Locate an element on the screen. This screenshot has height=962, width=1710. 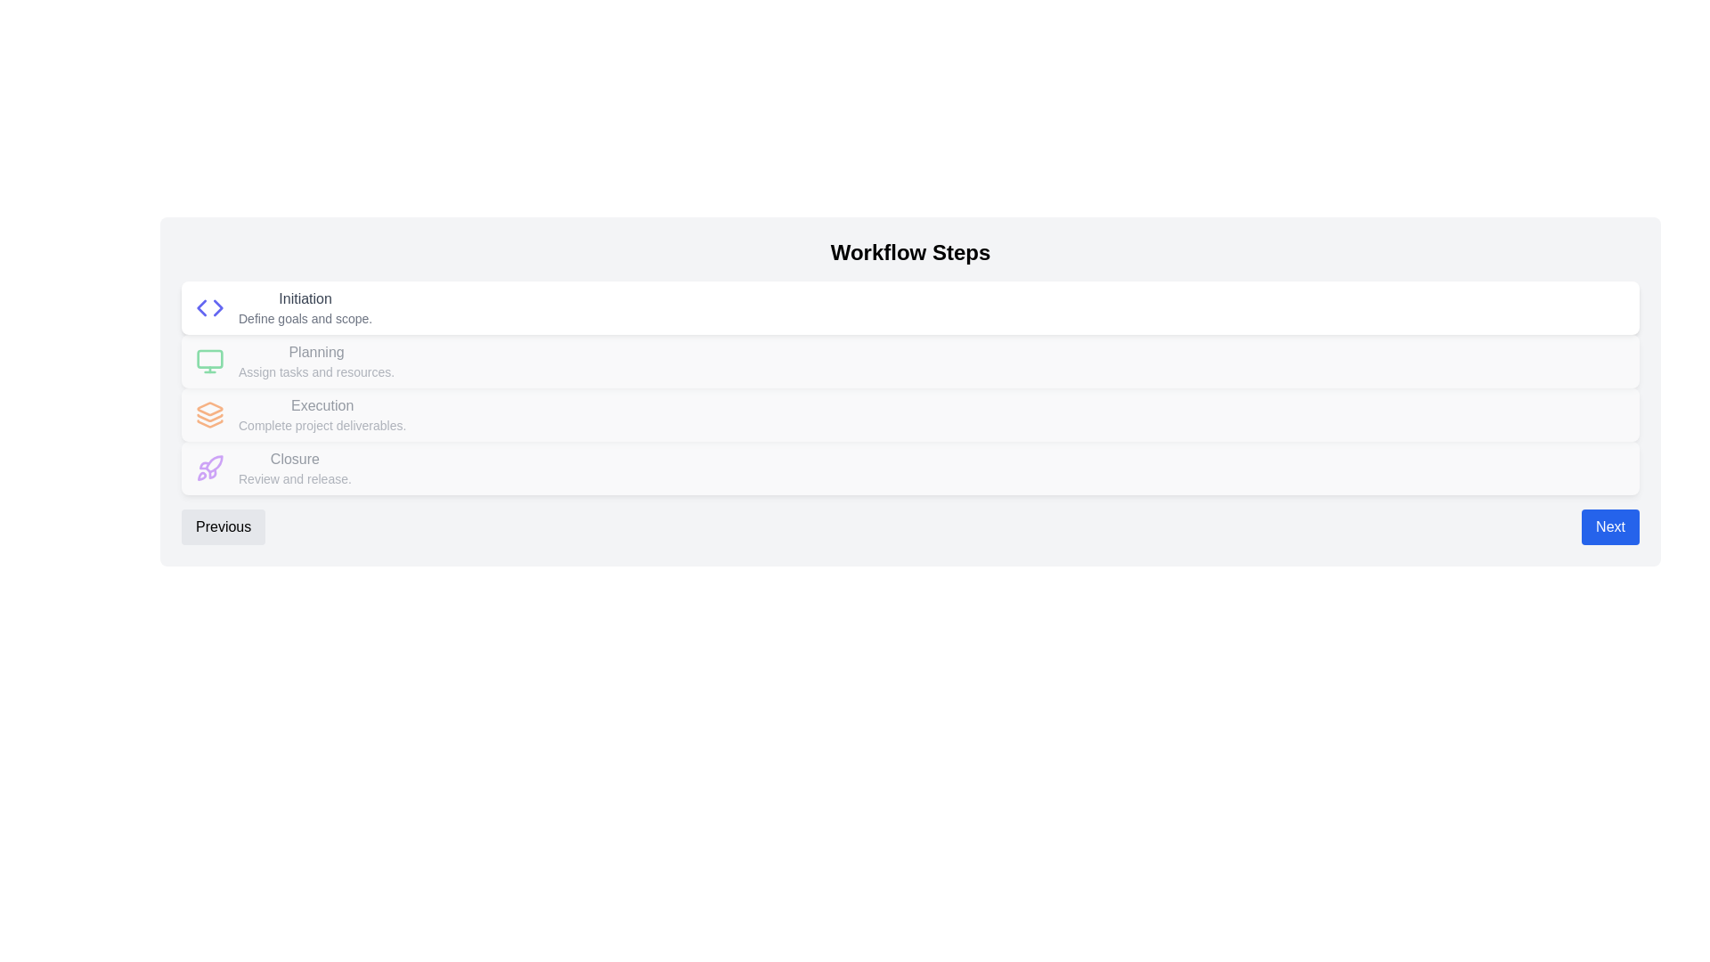
the third item in the vertically aligned list of steps is located at coordinates (910, 415).